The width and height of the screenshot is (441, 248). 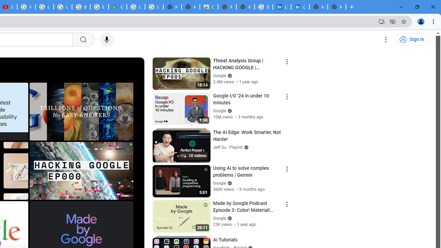 I want to click on 'Install YouTube', so click(x=381, y=21).